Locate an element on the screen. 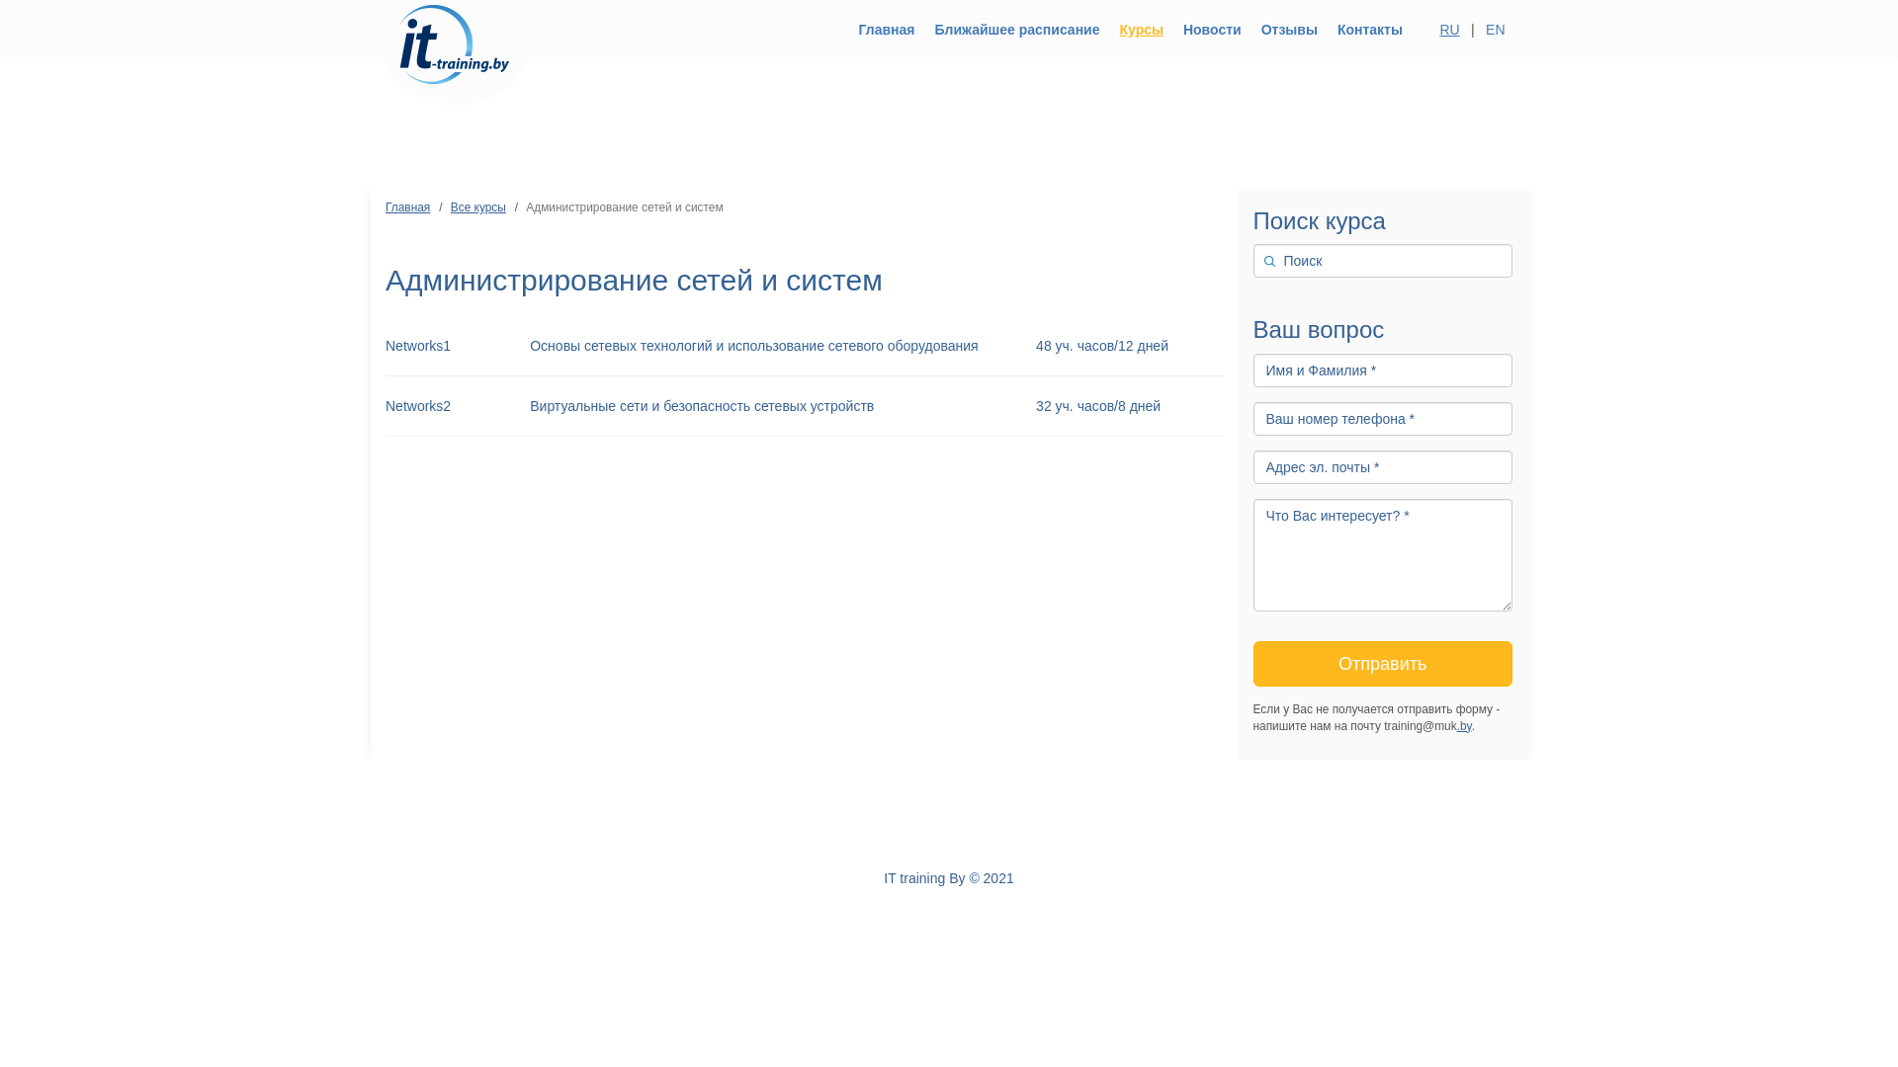 This screenshot has width=1898, height=1067. 'EN' is located at coordinates (1495, 30).